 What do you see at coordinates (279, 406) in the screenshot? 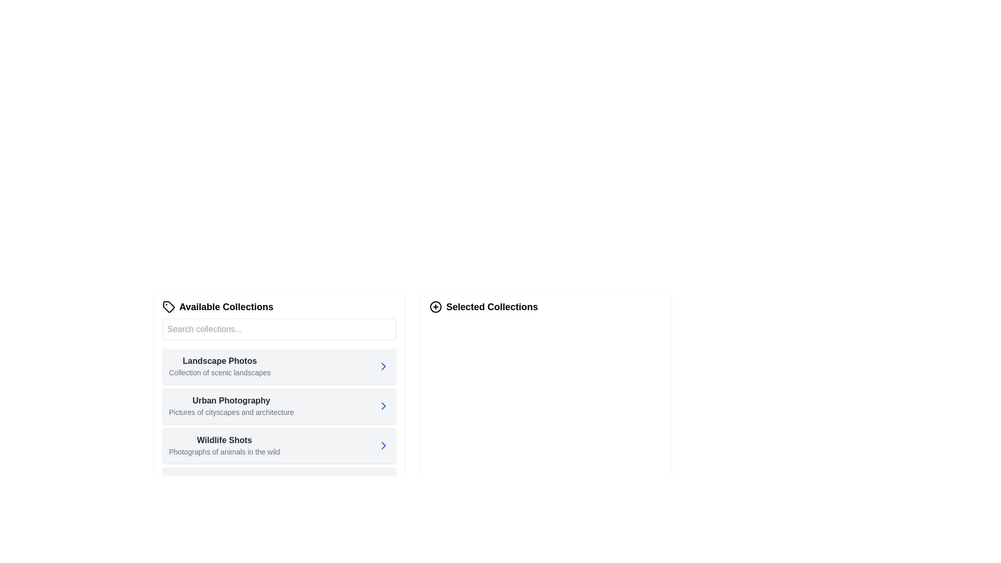
I see `the second card in the 'Available Collections' panel, which represents a category for urban photography topics` at bounding box center [279, 406].